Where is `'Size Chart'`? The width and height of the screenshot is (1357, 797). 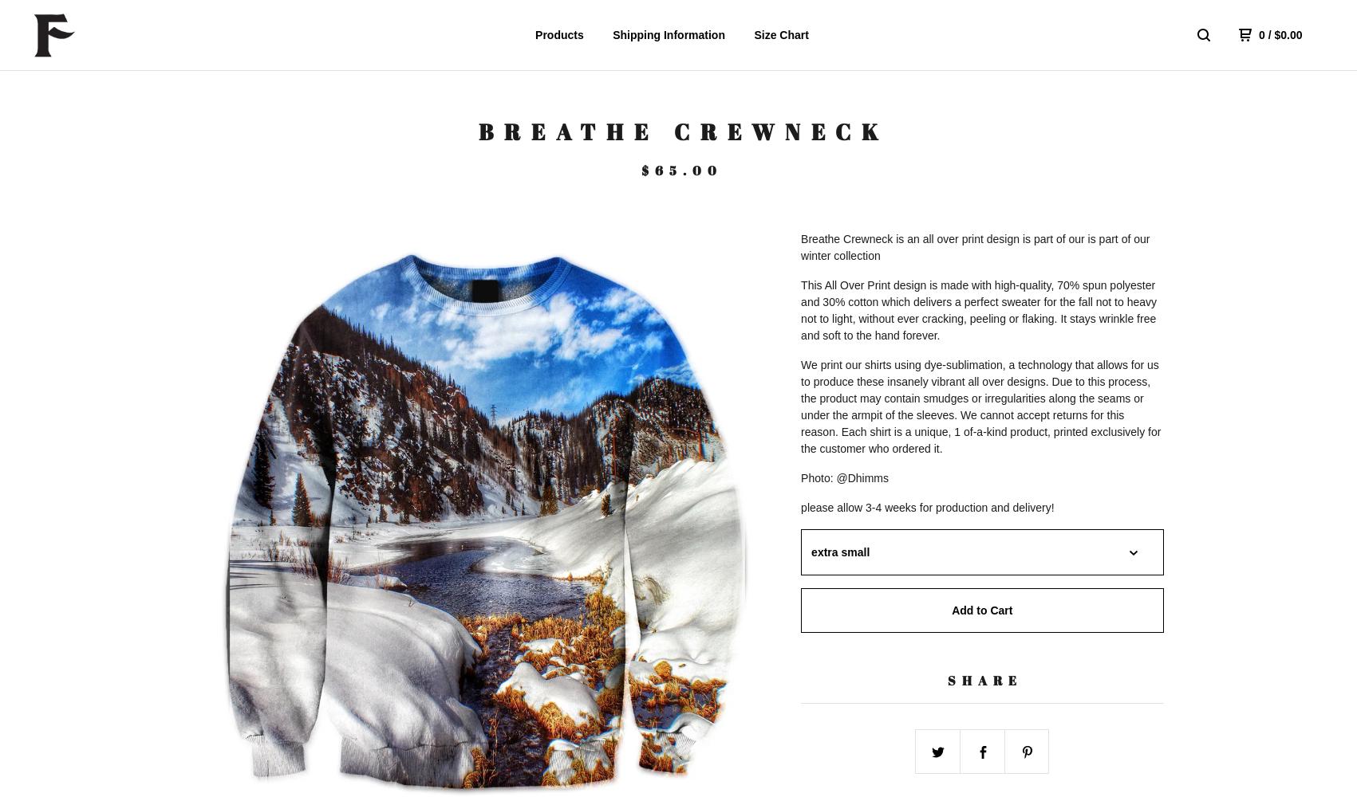
'Size Chart' is located at coordinates (780, 35).